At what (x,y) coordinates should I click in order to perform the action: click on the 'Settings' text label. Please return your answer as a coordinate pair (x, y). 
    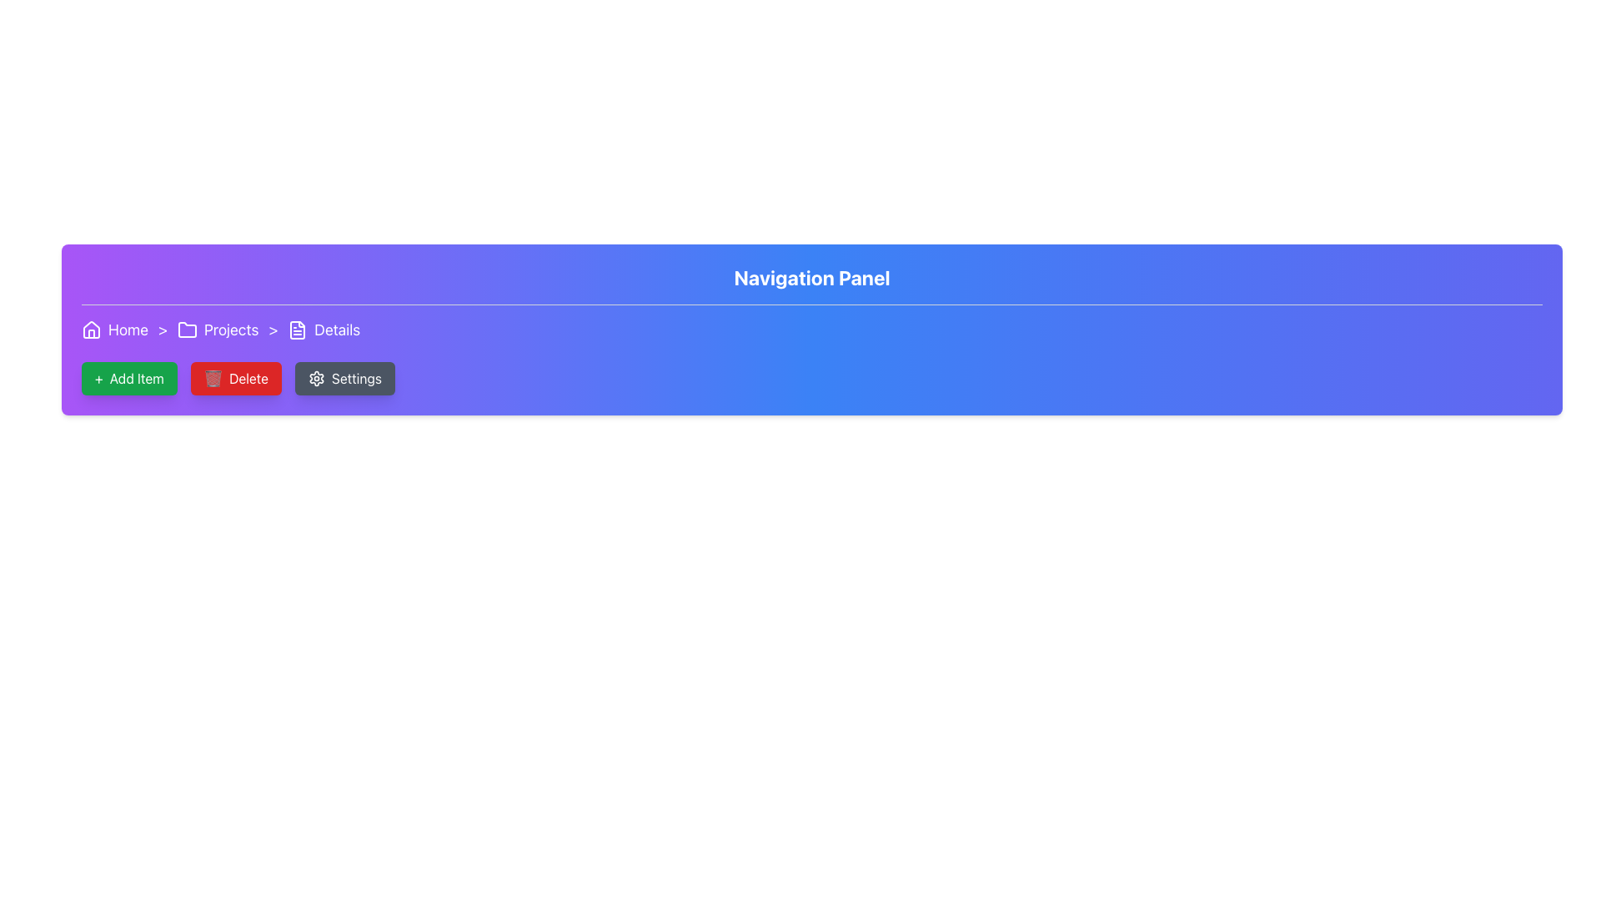
    Looking at the image, I should click on (355, 379).